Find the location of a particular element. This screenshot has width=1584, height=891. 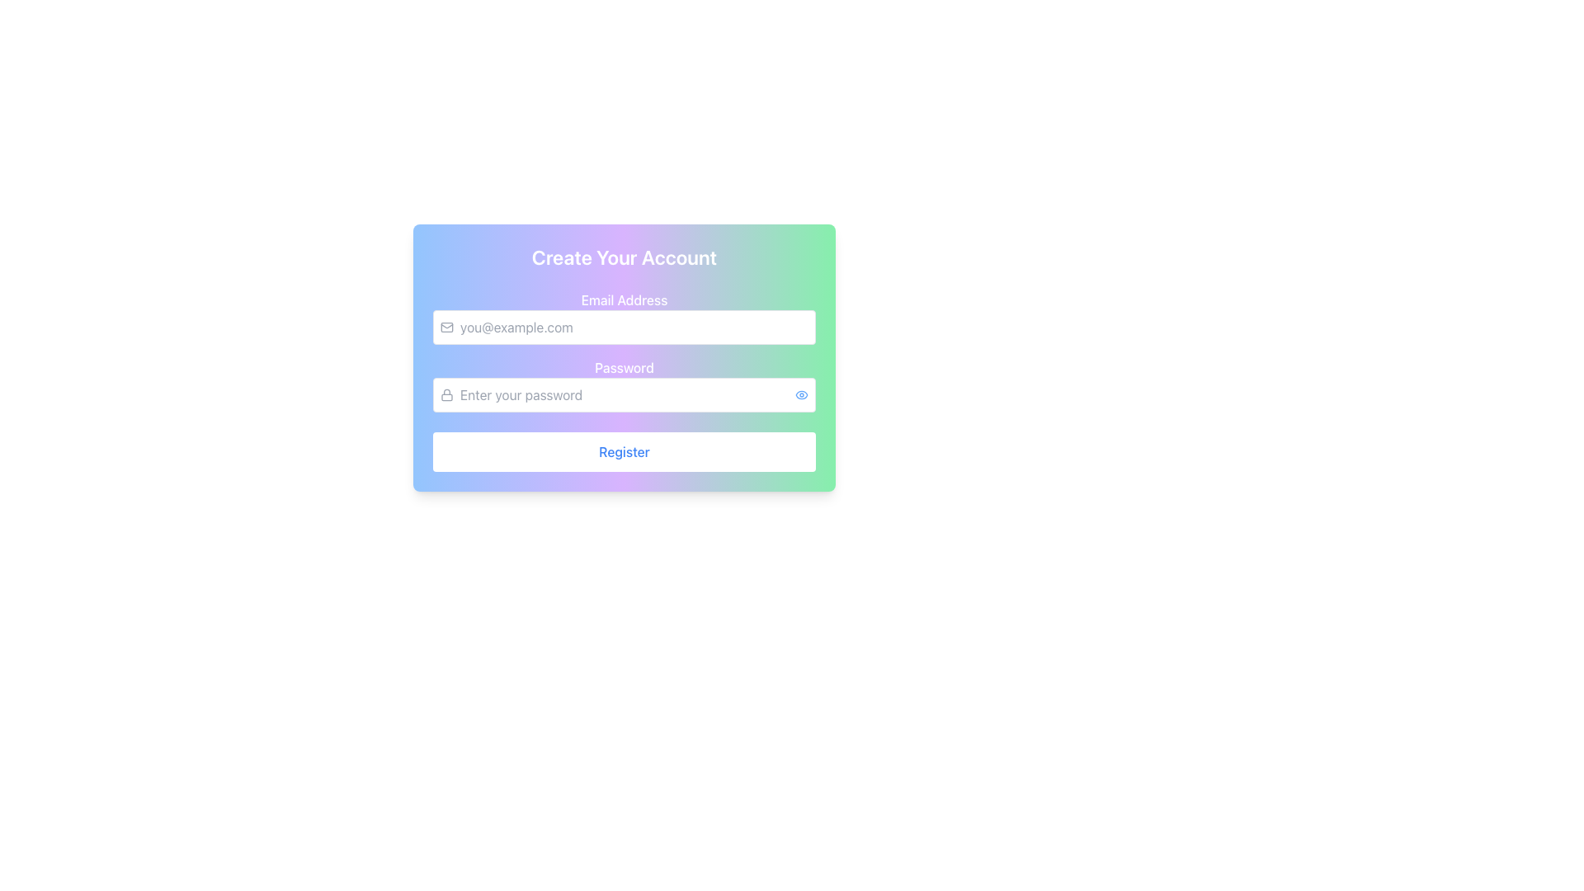

the 'Register' button, which has a white background and bold blue text, located at the bottom of the registration form to change its color to light blue is located at coordinates (624, 451).